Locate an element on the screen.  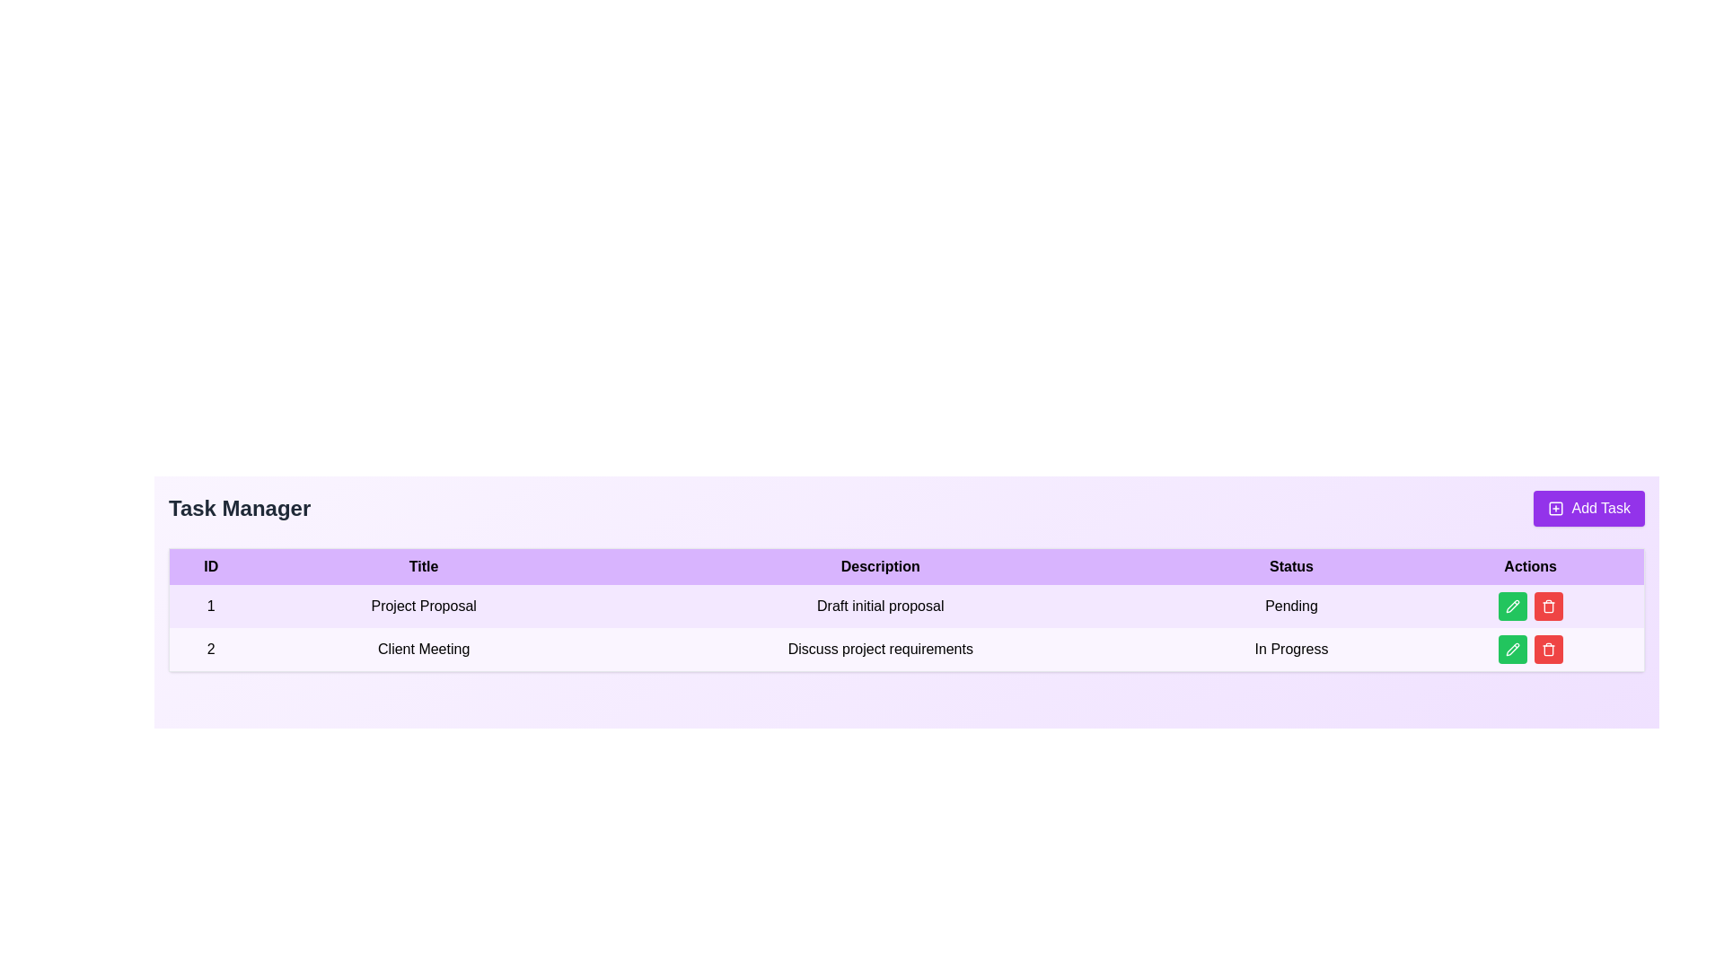
the text 'Client Meeting' located in the second row under the 'Title' column of the table is located at coordinates (423, 650).